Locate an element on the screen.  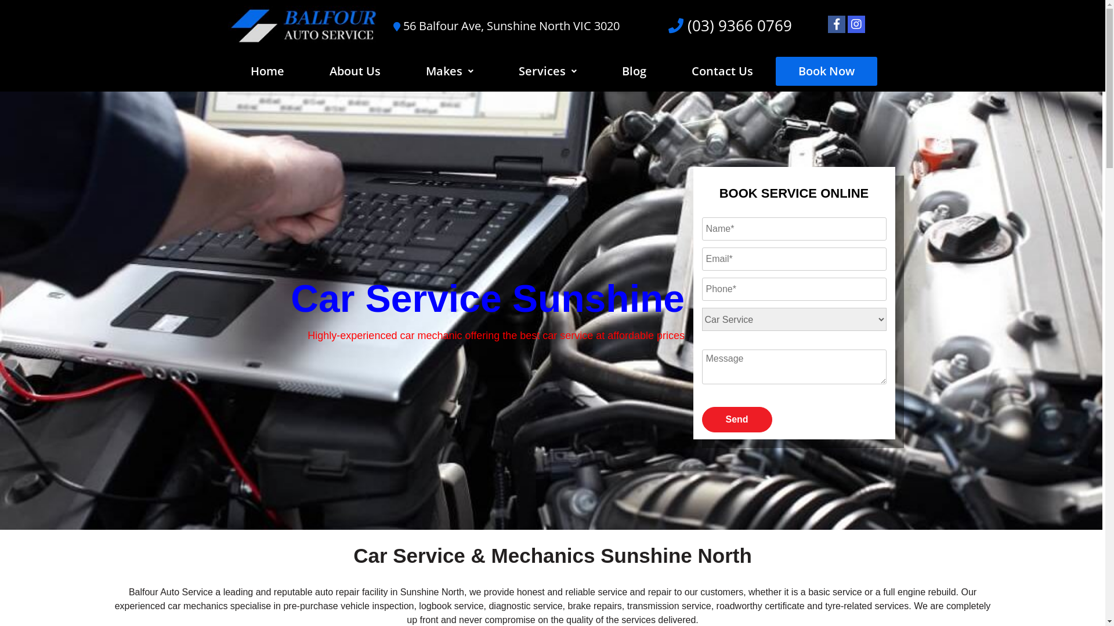
'Blog' is located at coordinates (634, 71).